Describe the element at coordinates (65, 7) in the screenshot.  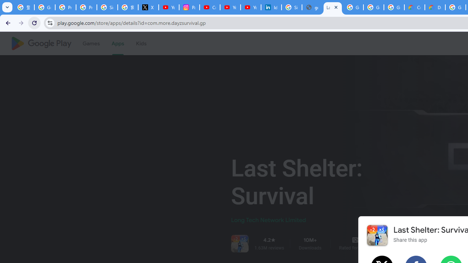
I see `'Privacy Help Center - Policies Help'` at that location.